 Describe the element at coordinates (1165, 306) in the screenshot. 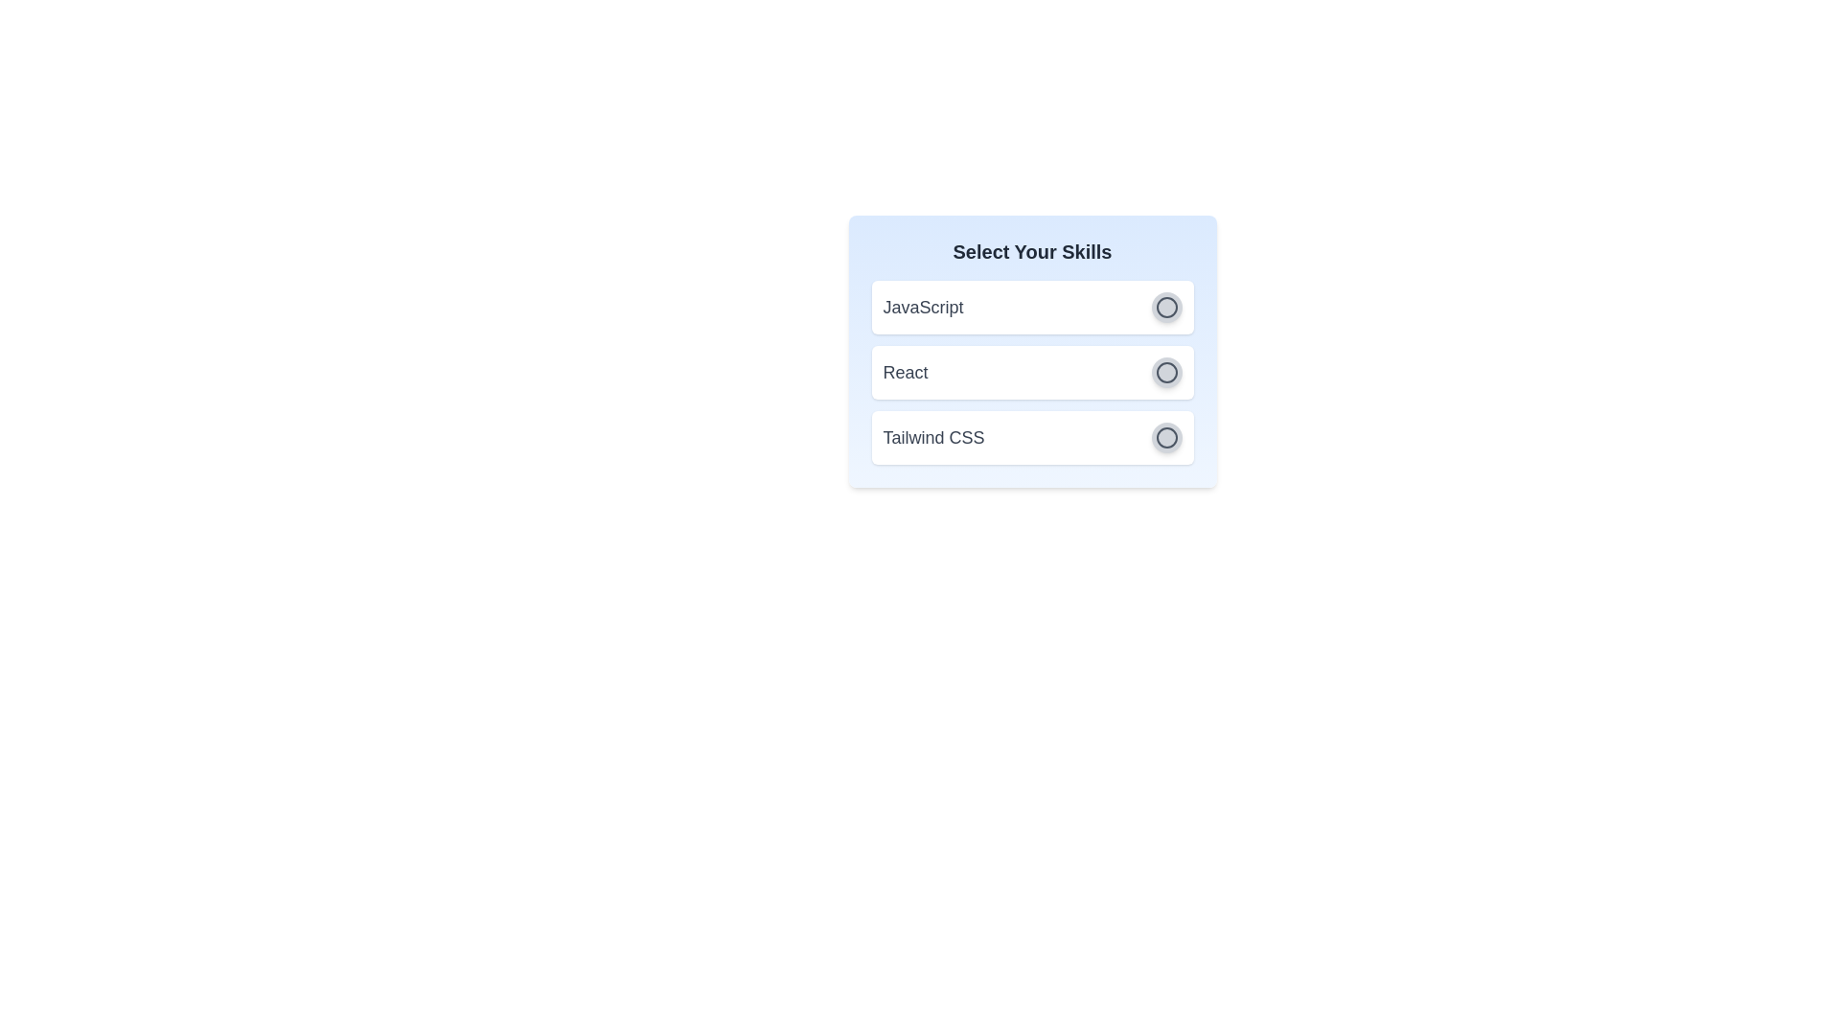

I see `the skill JavaScript` at that location.